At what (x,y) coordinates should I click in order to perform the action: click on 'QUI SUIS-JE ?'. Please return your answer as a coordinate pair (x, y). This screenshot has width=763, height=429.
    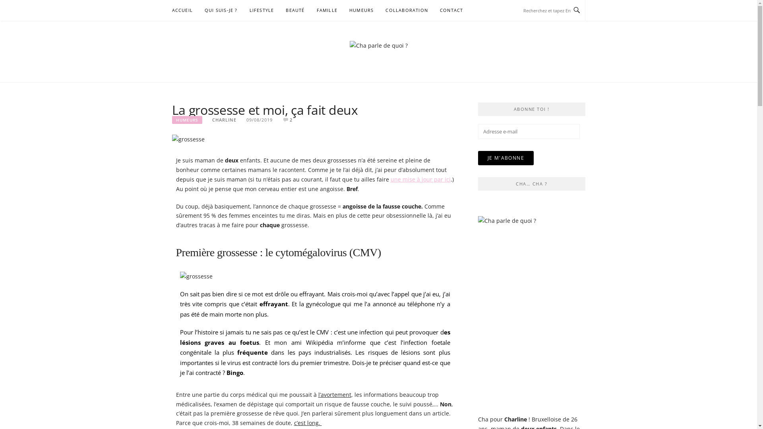
    Looking at the image, I should click on (221, 10).